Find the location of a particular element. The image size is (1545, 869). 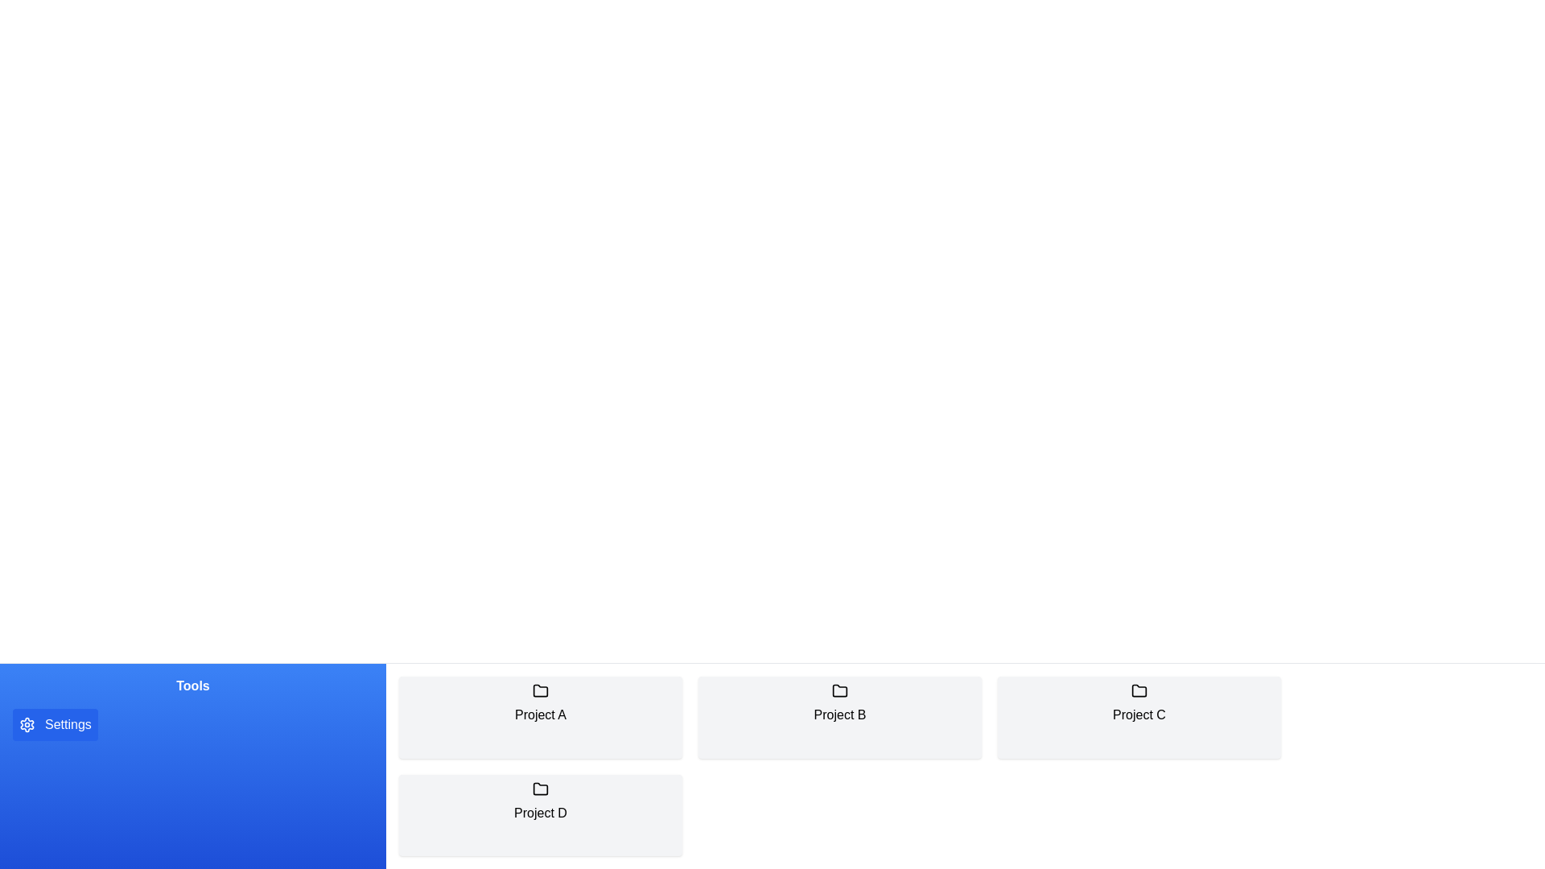

the section header text label indicating the purpose of the section below, which is located within 'Tools Settings' and above the 'Settings' button is located at coordinates (193, 686).